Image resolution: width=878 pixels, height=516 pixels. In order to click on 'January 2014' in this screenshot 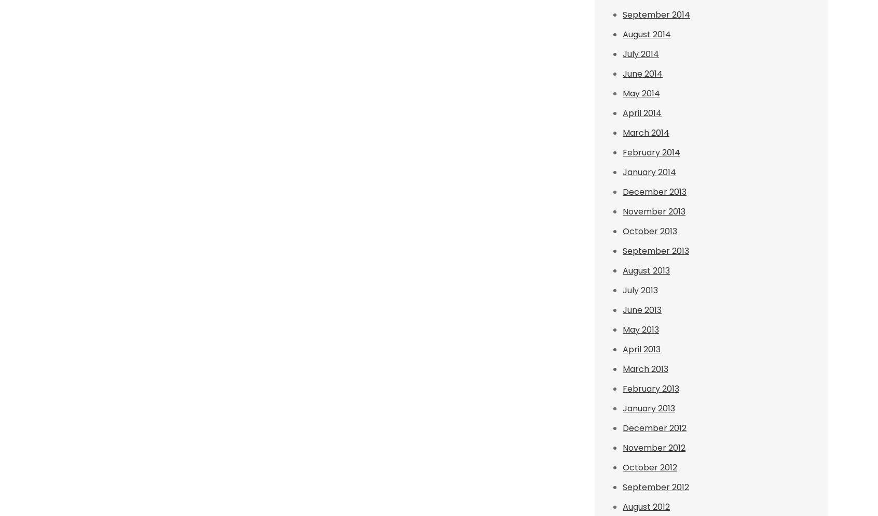, I will do `click(649, 172)`.